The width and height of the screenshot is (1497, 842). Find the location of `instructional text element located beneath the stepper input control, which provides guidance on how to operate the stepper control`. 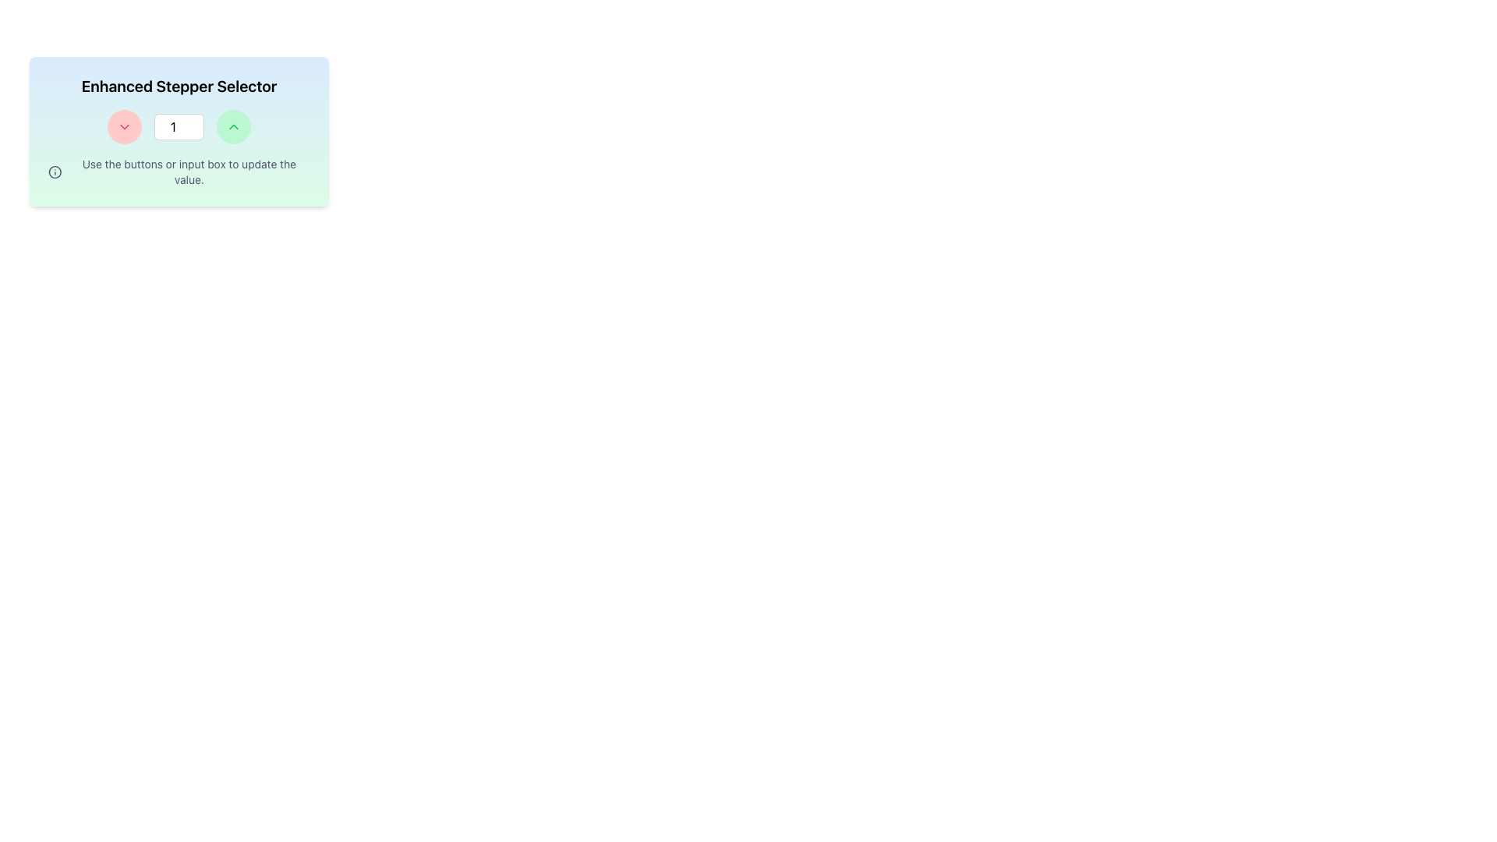

instructional text element located beneath the stepper input control, which provides guidance on how to operate the stepper control is located at coordinates (179, 172).